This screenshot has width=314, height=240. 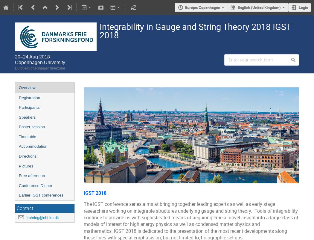 What do you see at coordinates (27, 136) in the screenshot?
I see `'Timetable'` at bounding box center [27, 136].